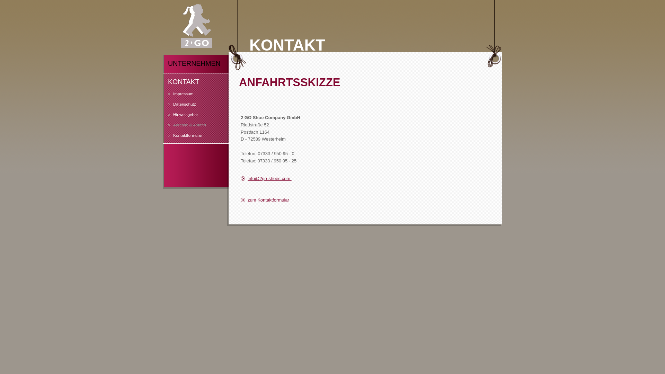 The width and height of the screenshot is (665, 374). I want to click on 'Datenschutz', so click(190, 107).